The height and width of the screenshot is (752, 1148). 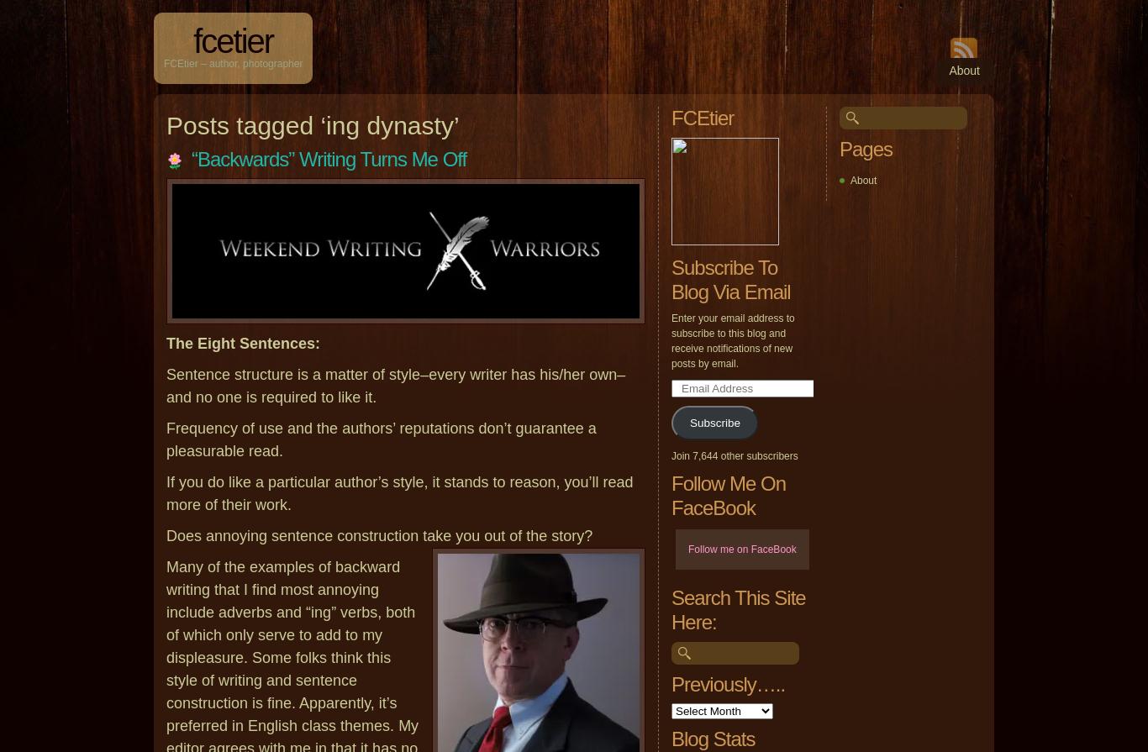 What do you see at coordinates (243, 344) in the screenshot?
I see `'The Eight Sentences:'` at bounding box center [243, 344].